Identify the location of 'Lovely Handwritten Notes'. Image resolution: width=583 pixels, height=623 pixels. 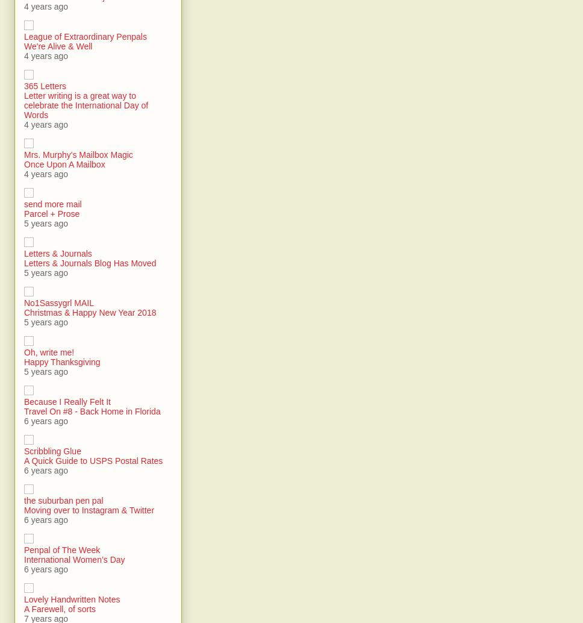
(72, 599).